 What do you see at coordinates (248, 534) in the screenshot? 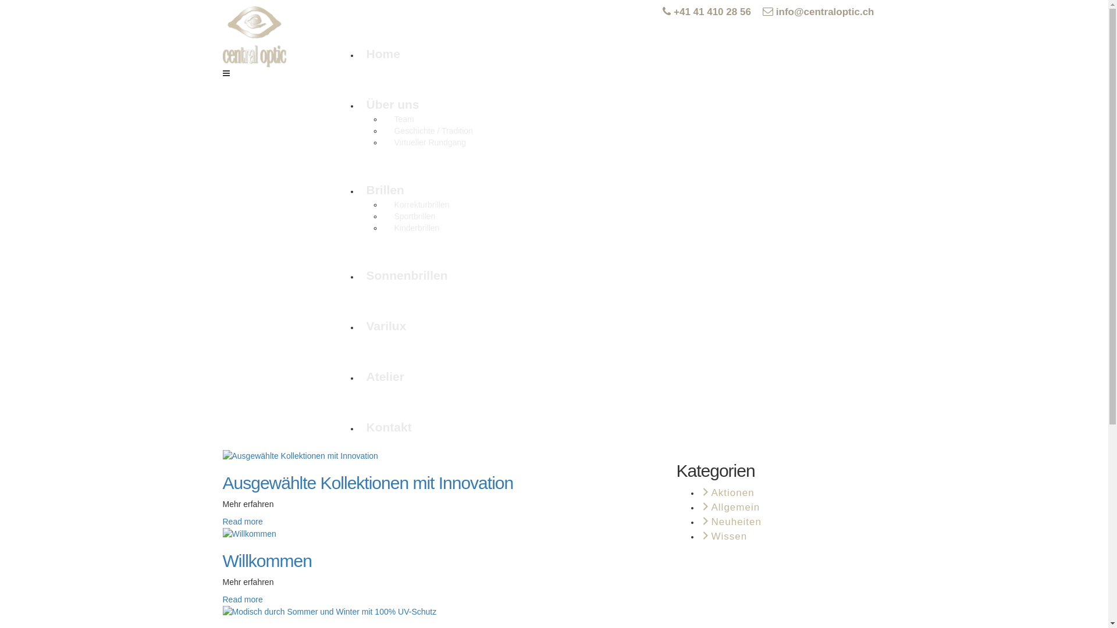
I see `'Willkommen'` at bounding box center [248, 534].